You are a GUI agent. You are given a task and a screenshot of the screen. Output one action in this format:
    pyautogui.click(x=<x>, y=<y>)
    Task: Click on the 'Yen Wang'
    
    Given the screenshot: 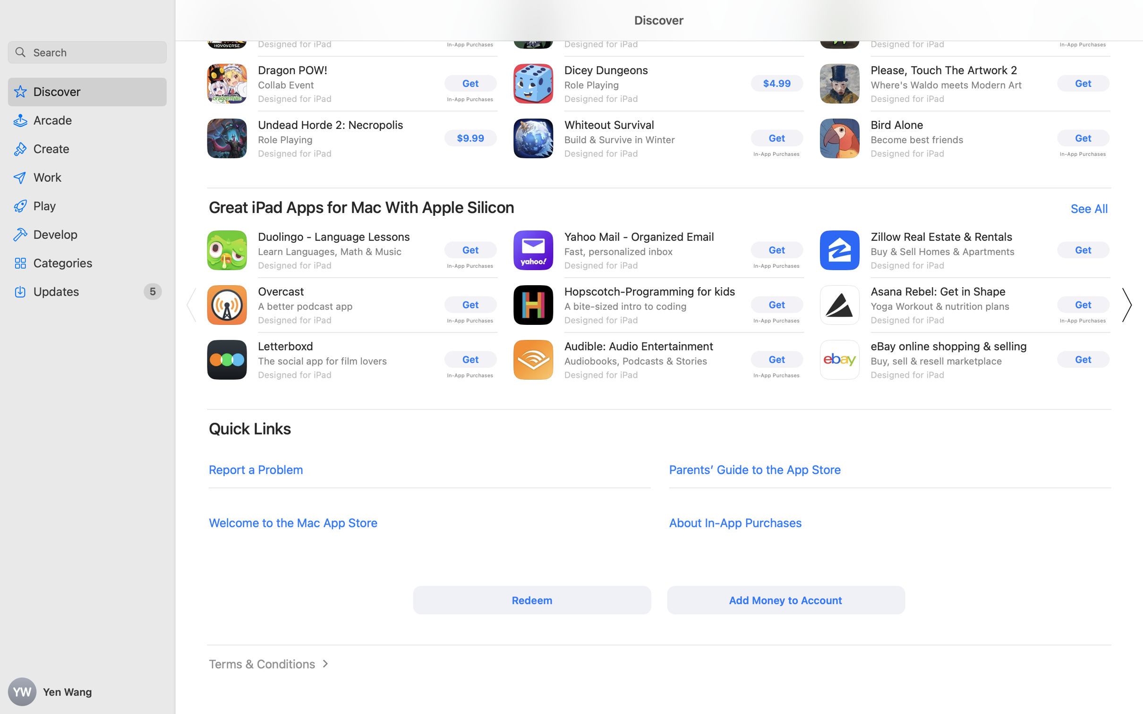 What is the action you would take?
    pyautogui.click(x=87, y=692)
    